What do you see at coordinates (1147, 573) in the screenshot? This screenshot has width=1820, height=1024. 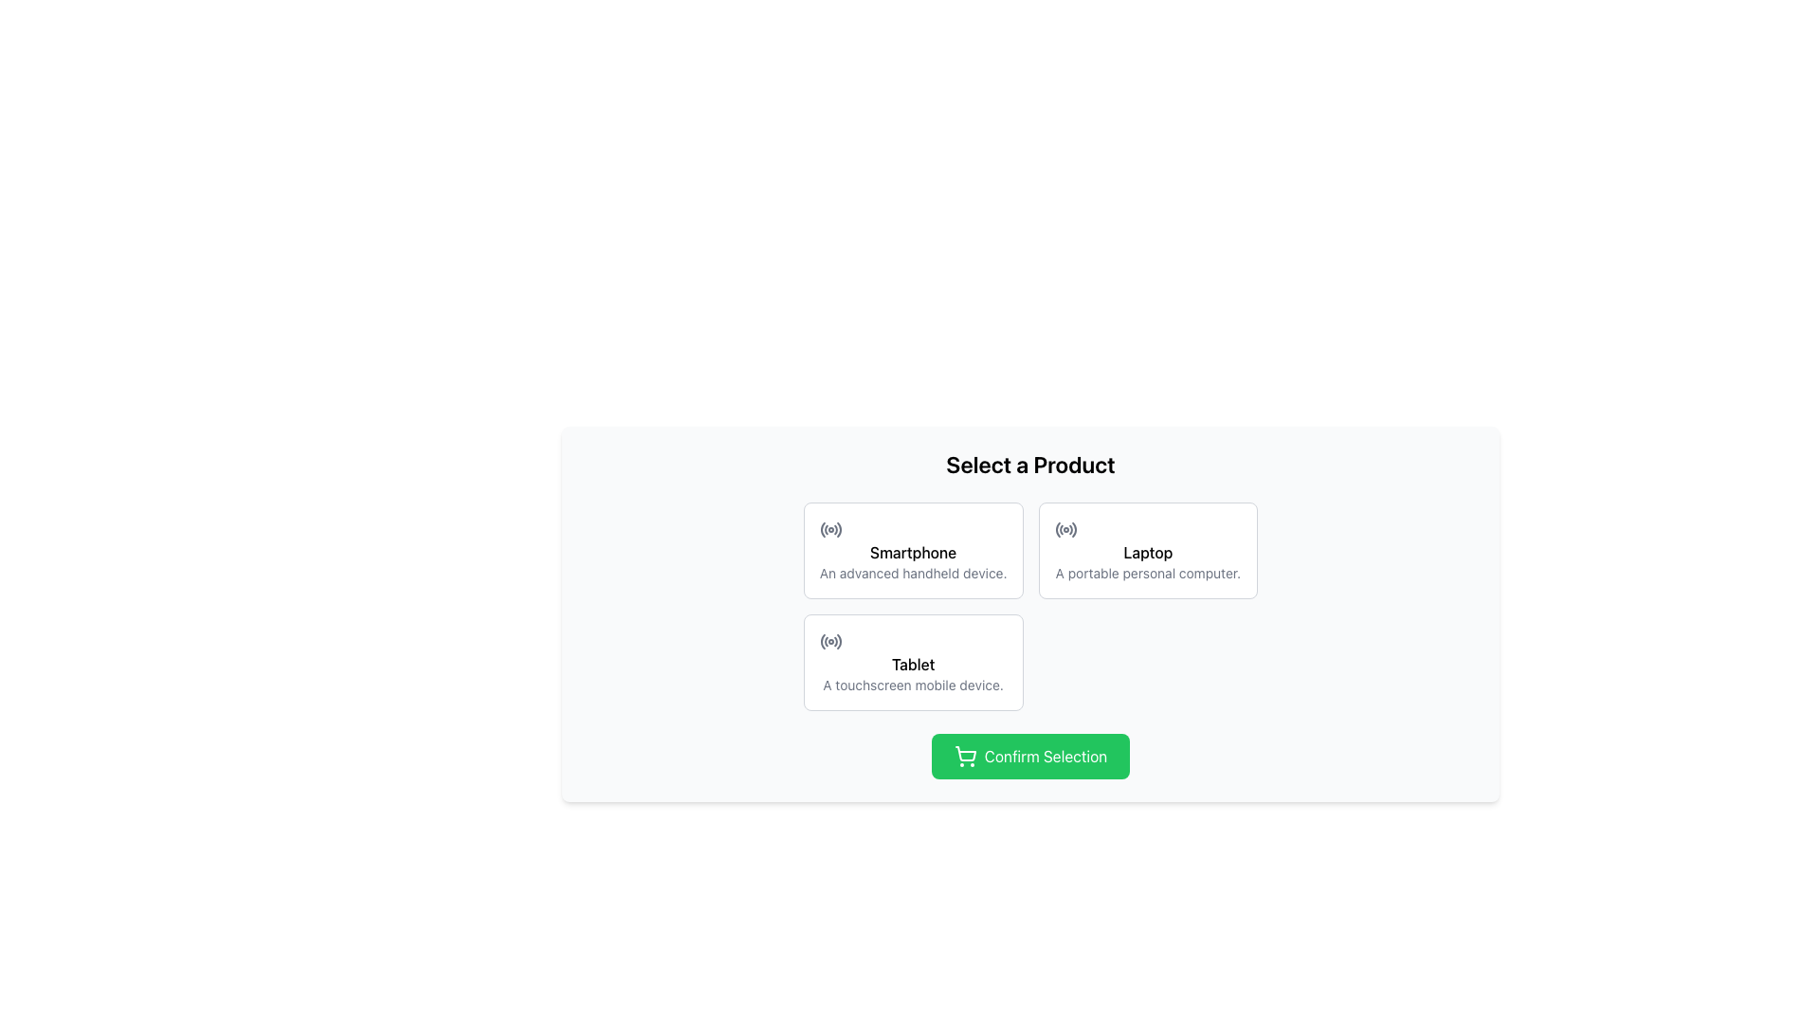 I see `the text snippet 'A portable personal computer.' located within the card labeled 'Laptop', which is visually paired with the bold title 'Laptop'` at bounding box center [1147, 573].